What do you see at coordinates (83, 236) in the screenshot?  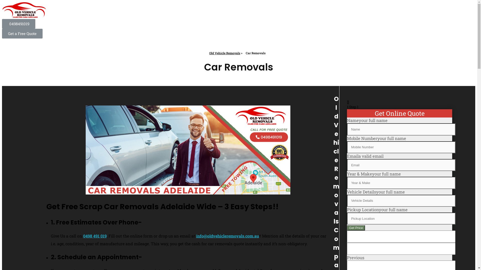 I see `'0498 491 019'` at bounding box center [83, 236].